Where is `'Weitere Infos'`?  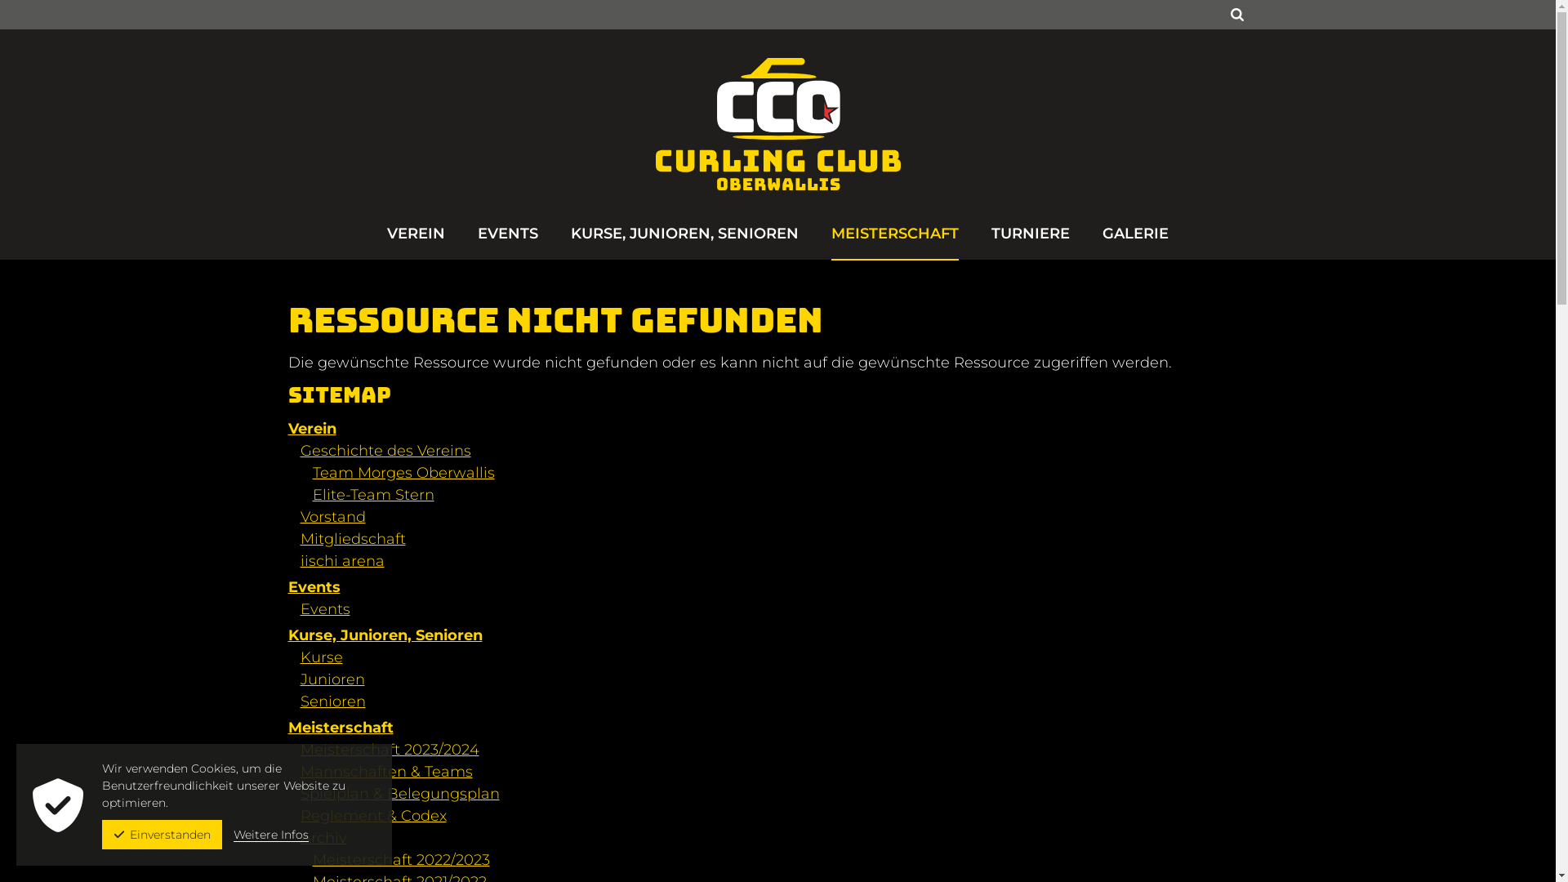
'Weitere Infos' is located at coordinates (270, 835).